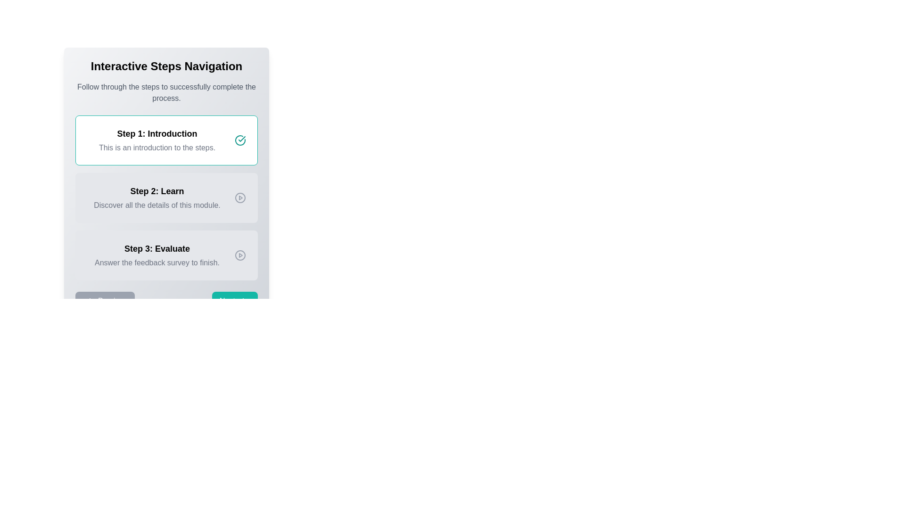  I want to click on the completion icon positioned to the right of 'Step 1: Introduction' to trigger relevant actions in the interactive navigation, so click(242, 139).